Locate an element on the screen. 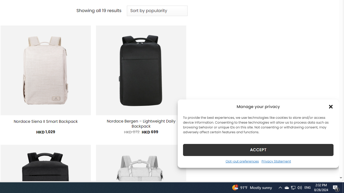 The image size is (344, 193). 'Shop order' is located at coordinates (157, 11).